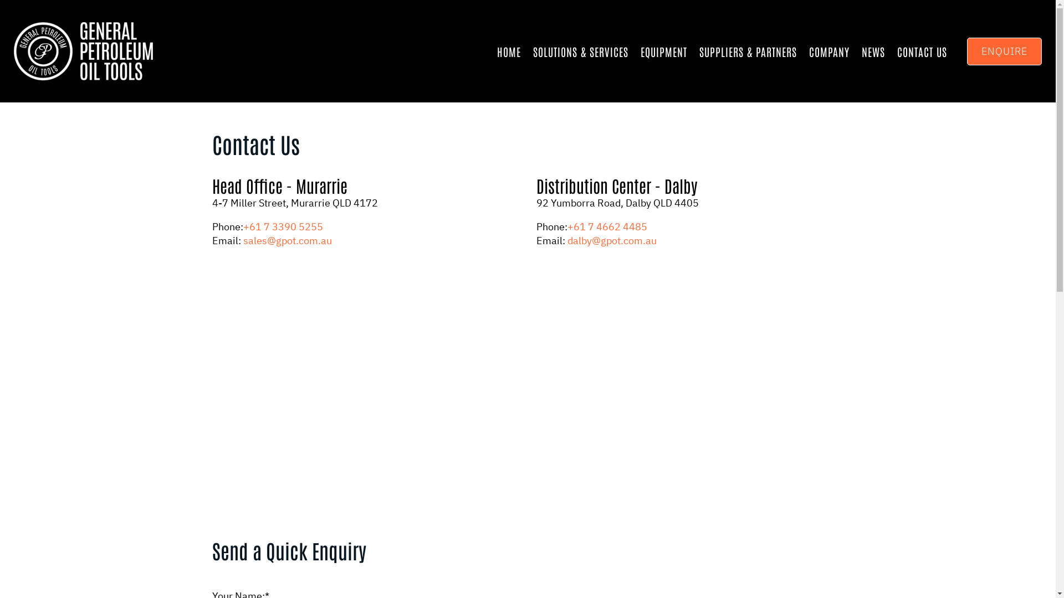 This screenshot has height=598, width=1064. I want to click on 'HOME', so click(508, 51).